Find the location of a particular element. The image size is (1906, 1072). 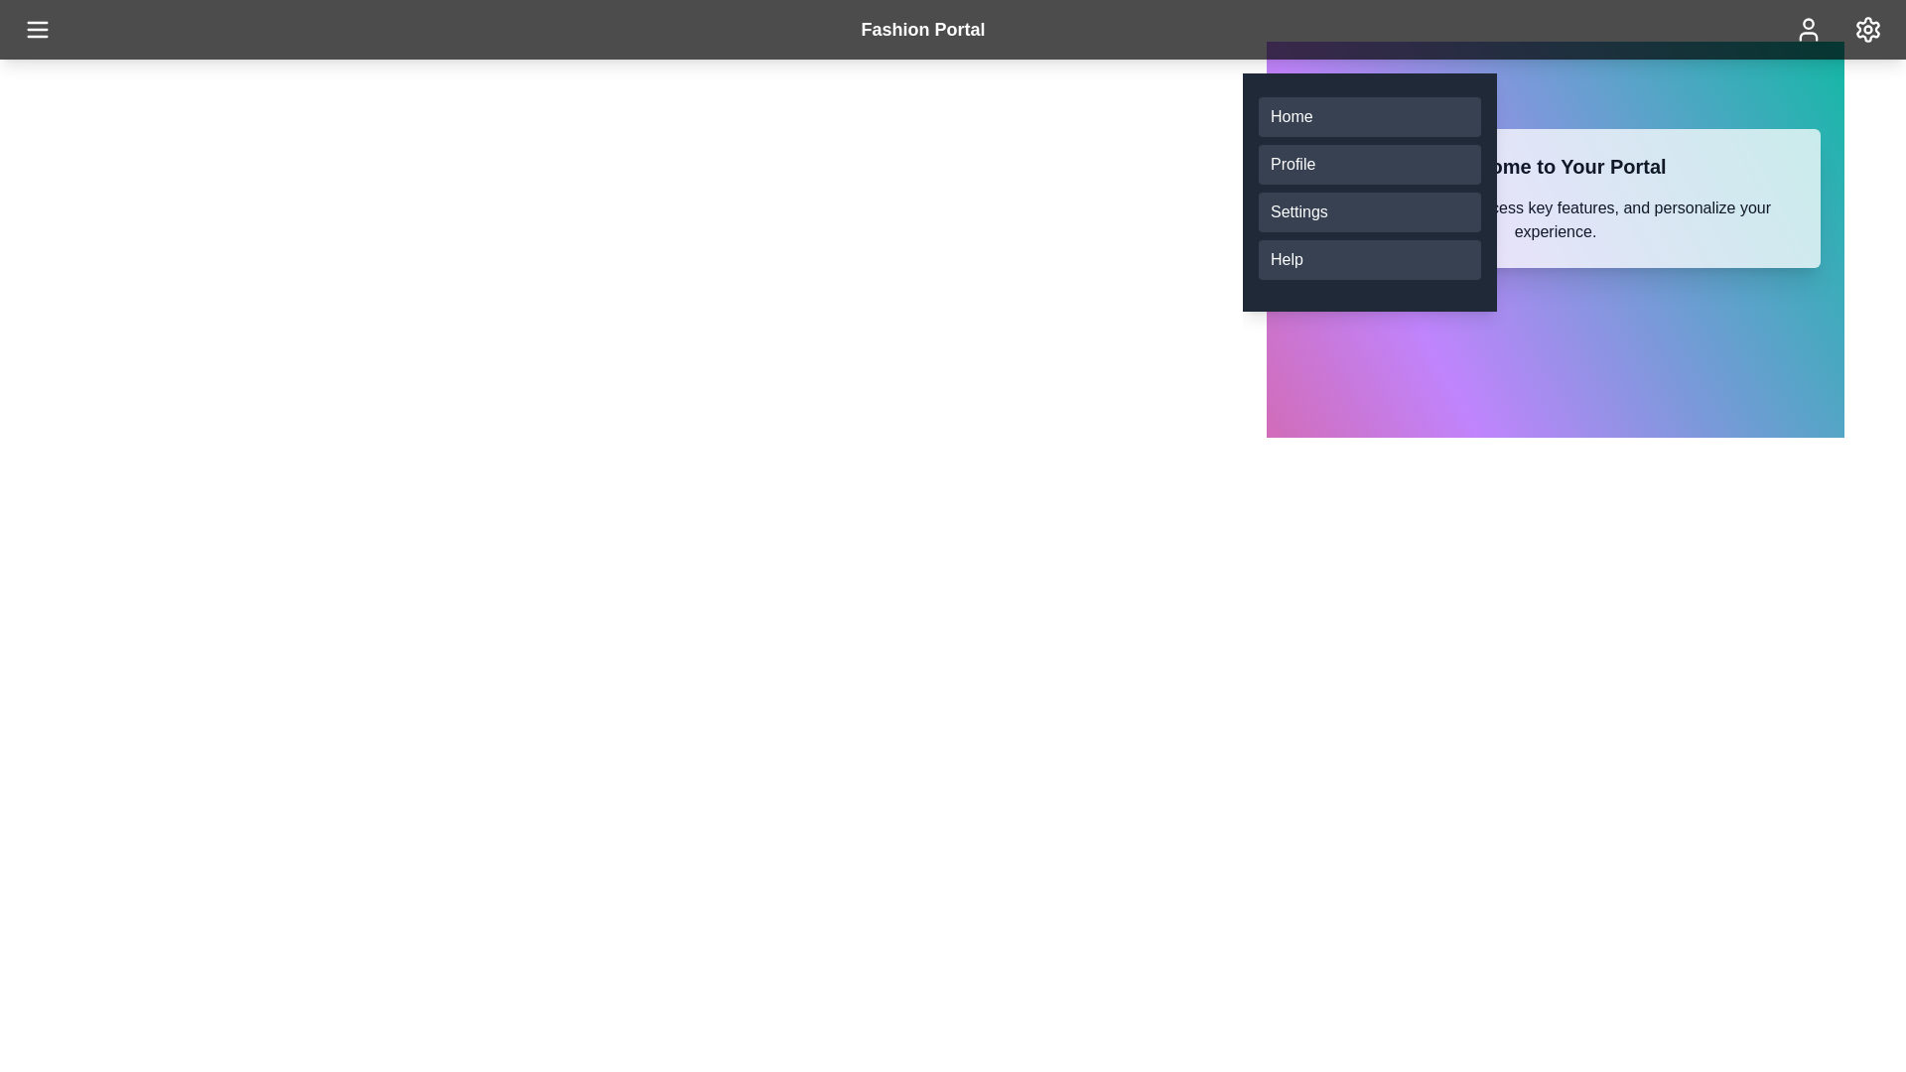

the menu item Home from the list is located at coordinates (1369, 117).